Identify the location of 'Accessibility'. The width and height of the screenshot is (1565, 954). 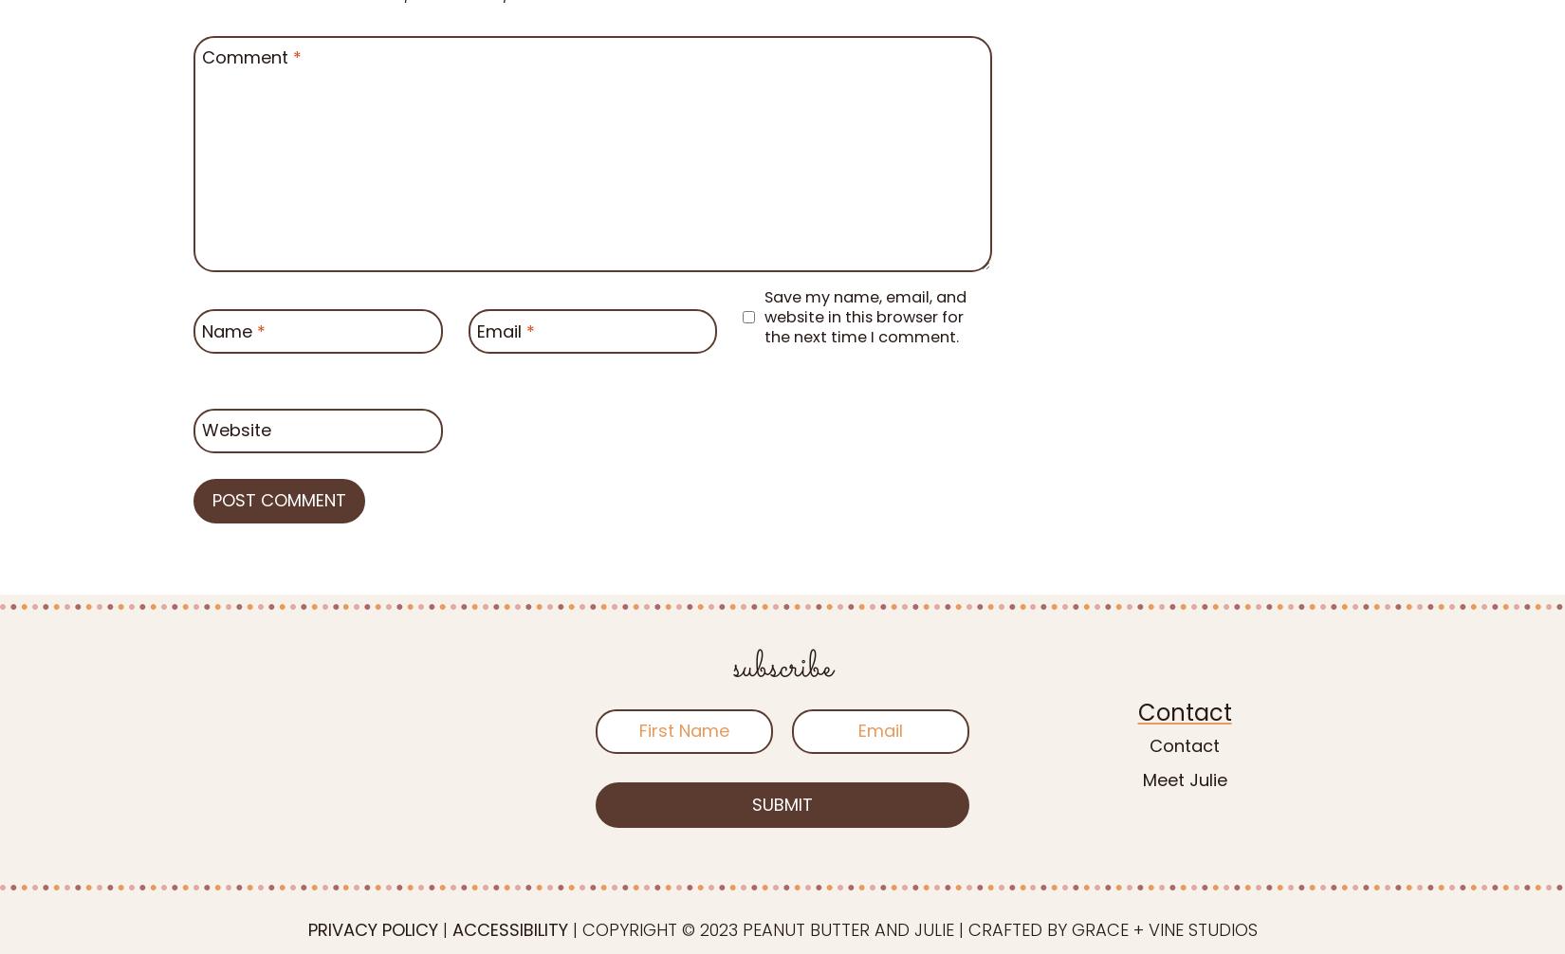
(508, 927).